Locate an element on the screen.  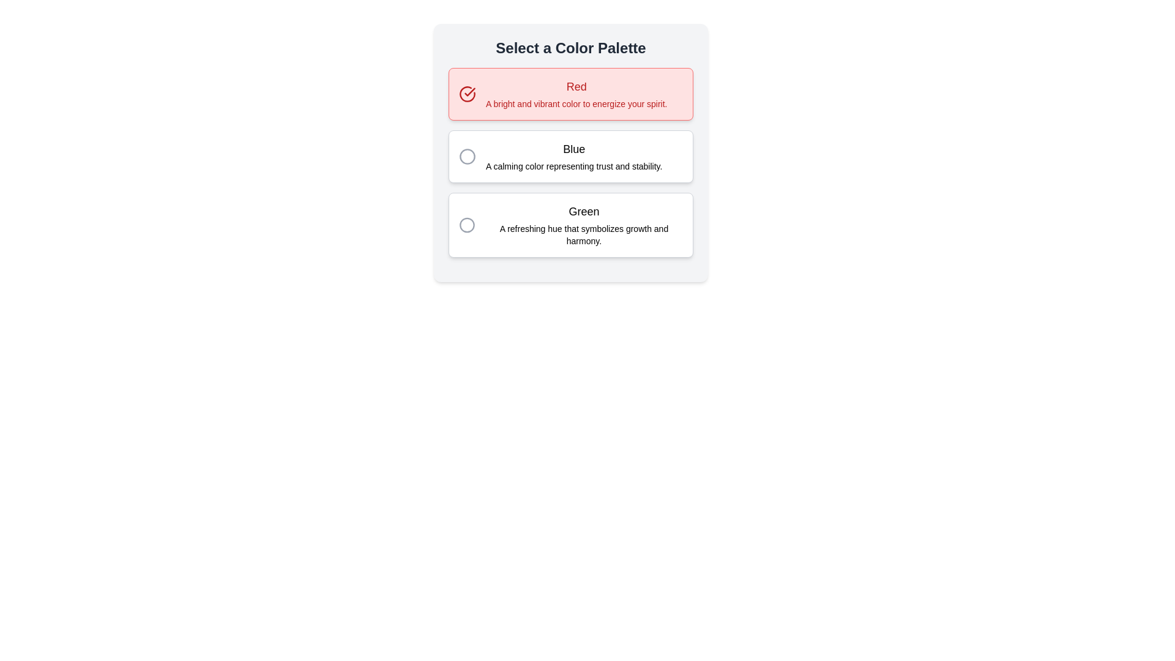
the text heading labeled 'Select a Color Palette', which is styled in bold and large font, positioned at the top-center of the interface within a rounded, shadowed card panel is located at coordinates (570, 47).